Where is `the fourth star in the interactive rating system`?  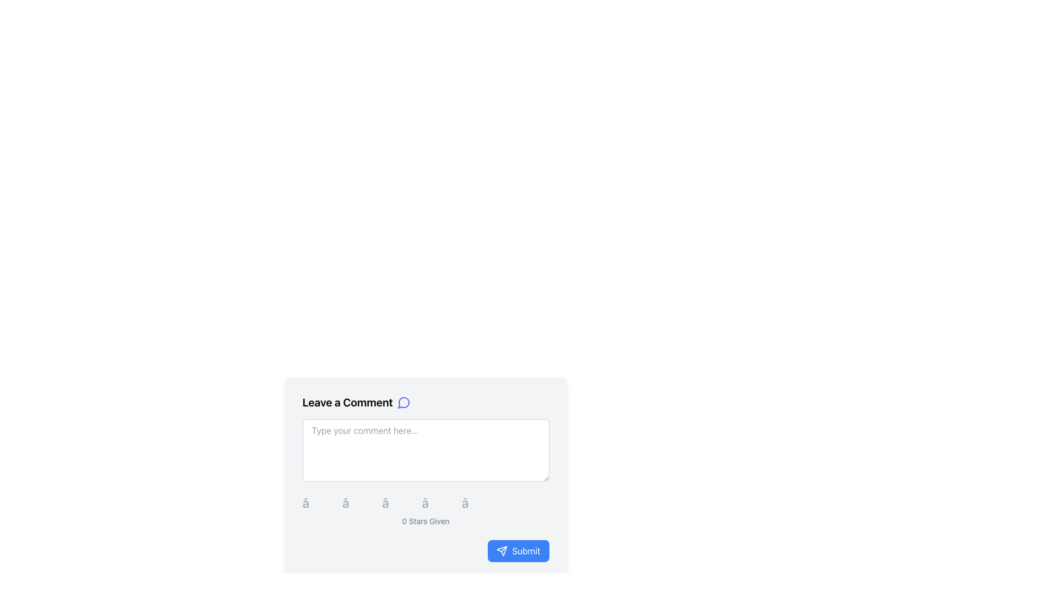
the fourth star in the interactive rating system is located at coordinates (438, 503).